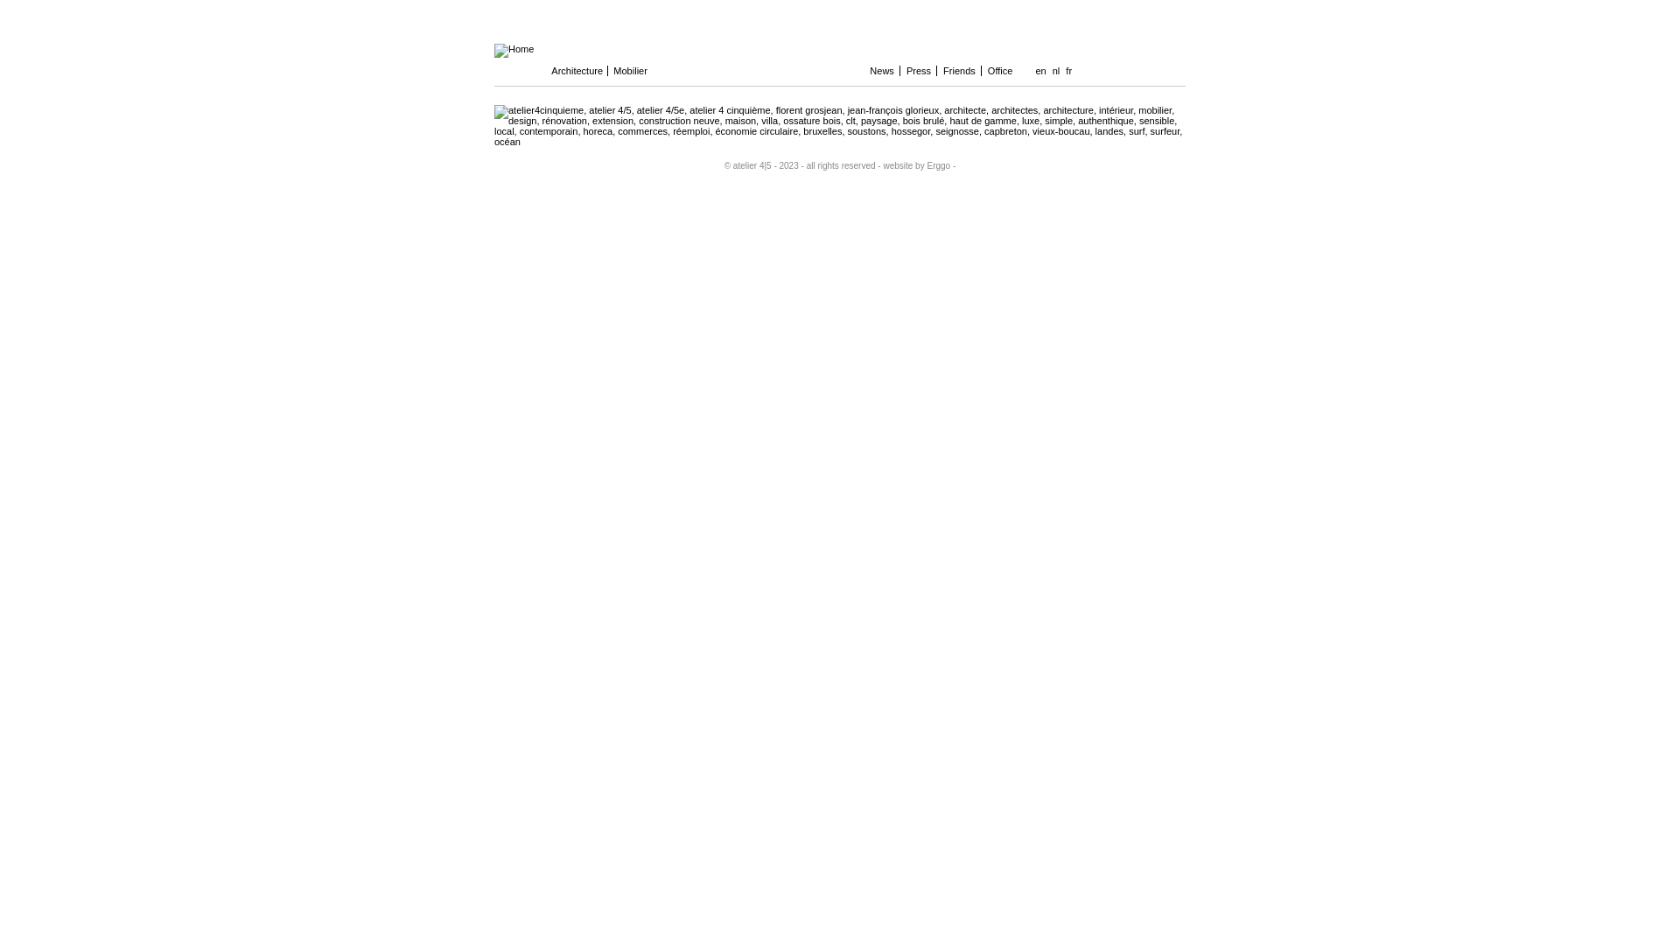 Image resolution: width=1680 pixels, height=945 pixels. I want to click on '- website by Erggo -', so click(915, 165).